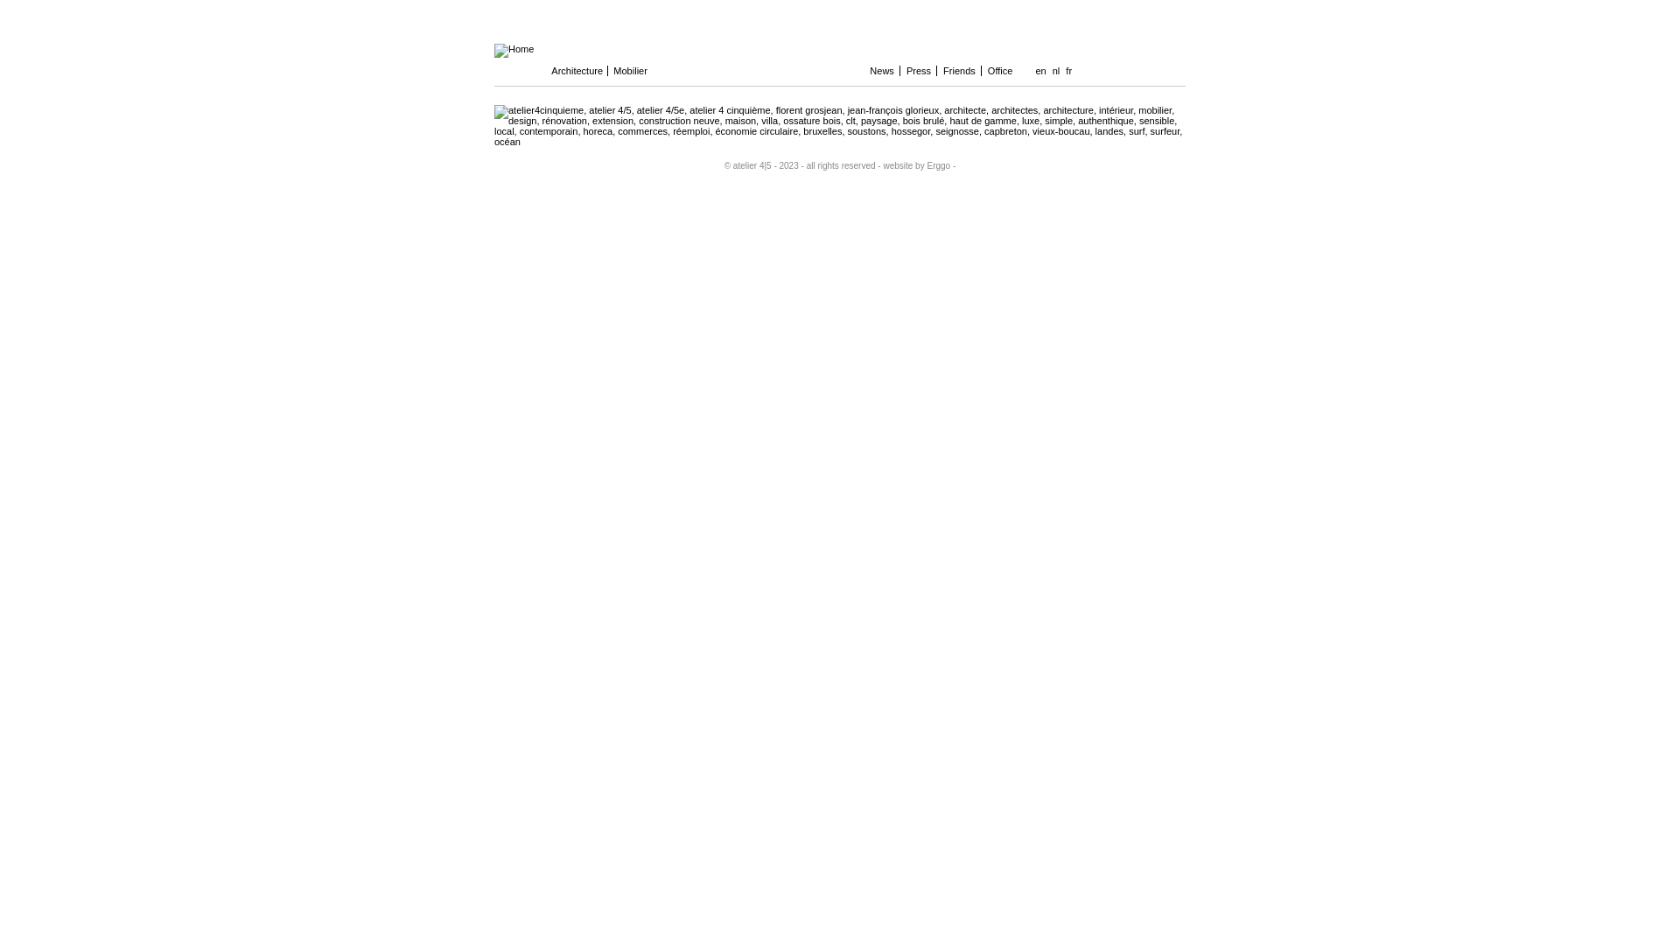 Image resolution: width=1680 pixels, height=945 pixels. I want to click on '- website by Erggo -', so click(915, 165).